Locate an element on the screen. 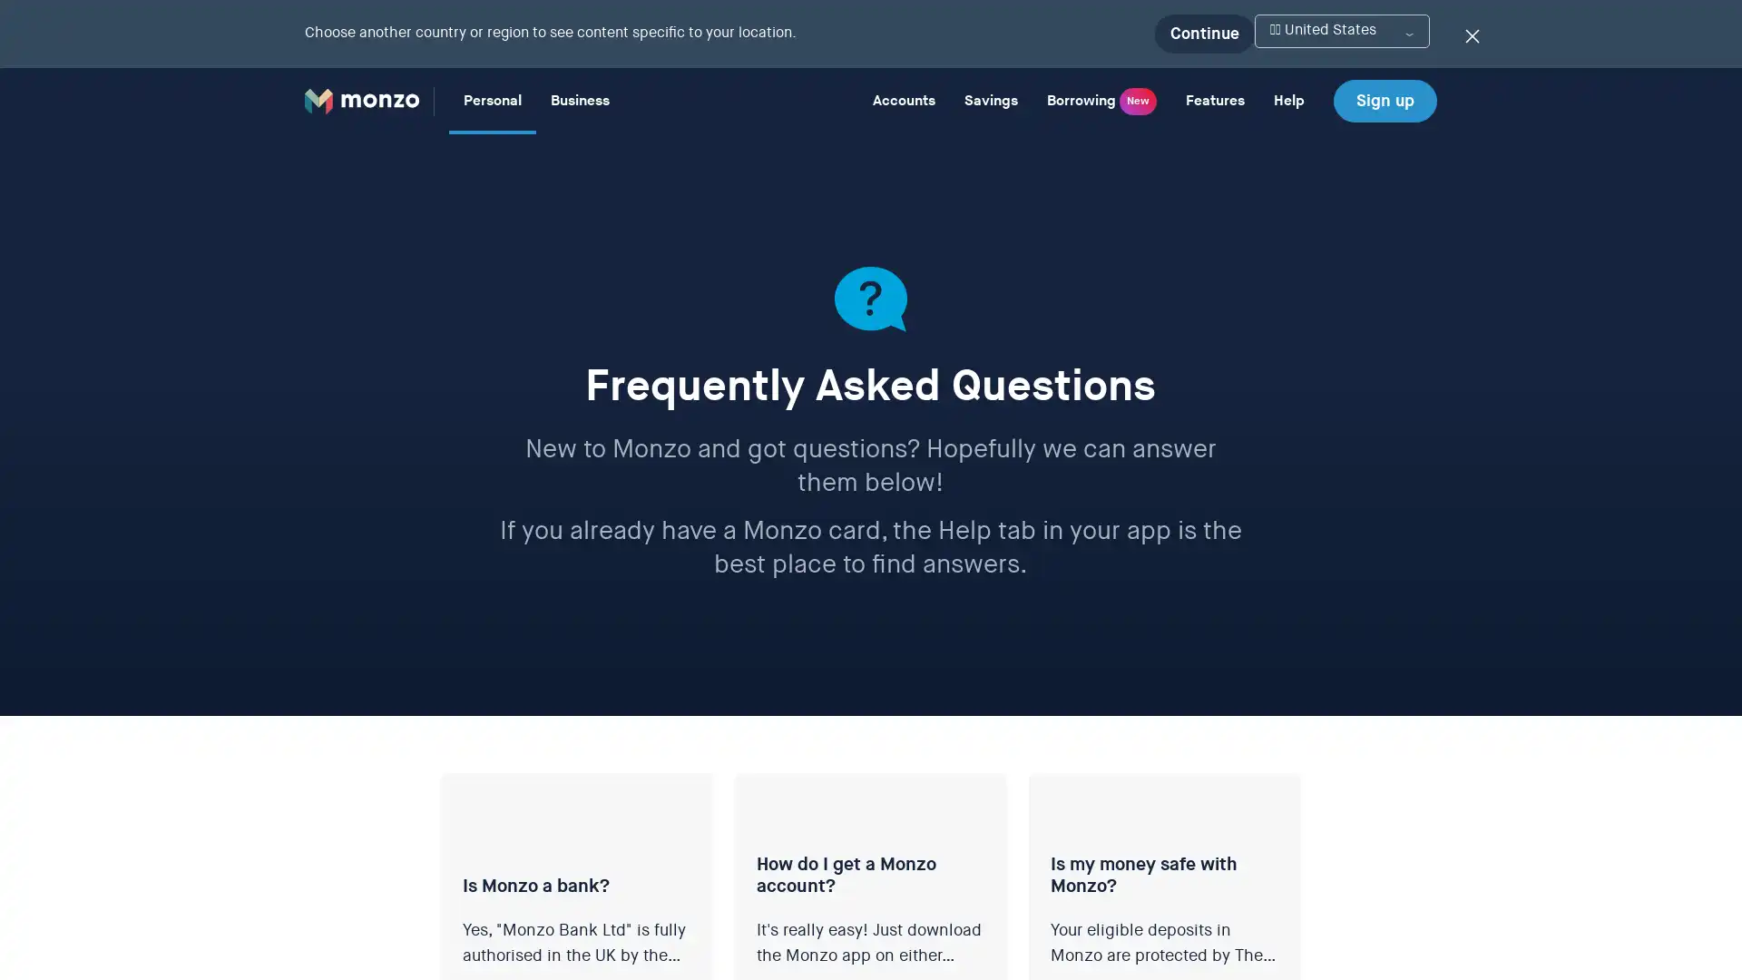 The image size is (1742, 980). Borrowing New is located at coordinates (1101, 101).